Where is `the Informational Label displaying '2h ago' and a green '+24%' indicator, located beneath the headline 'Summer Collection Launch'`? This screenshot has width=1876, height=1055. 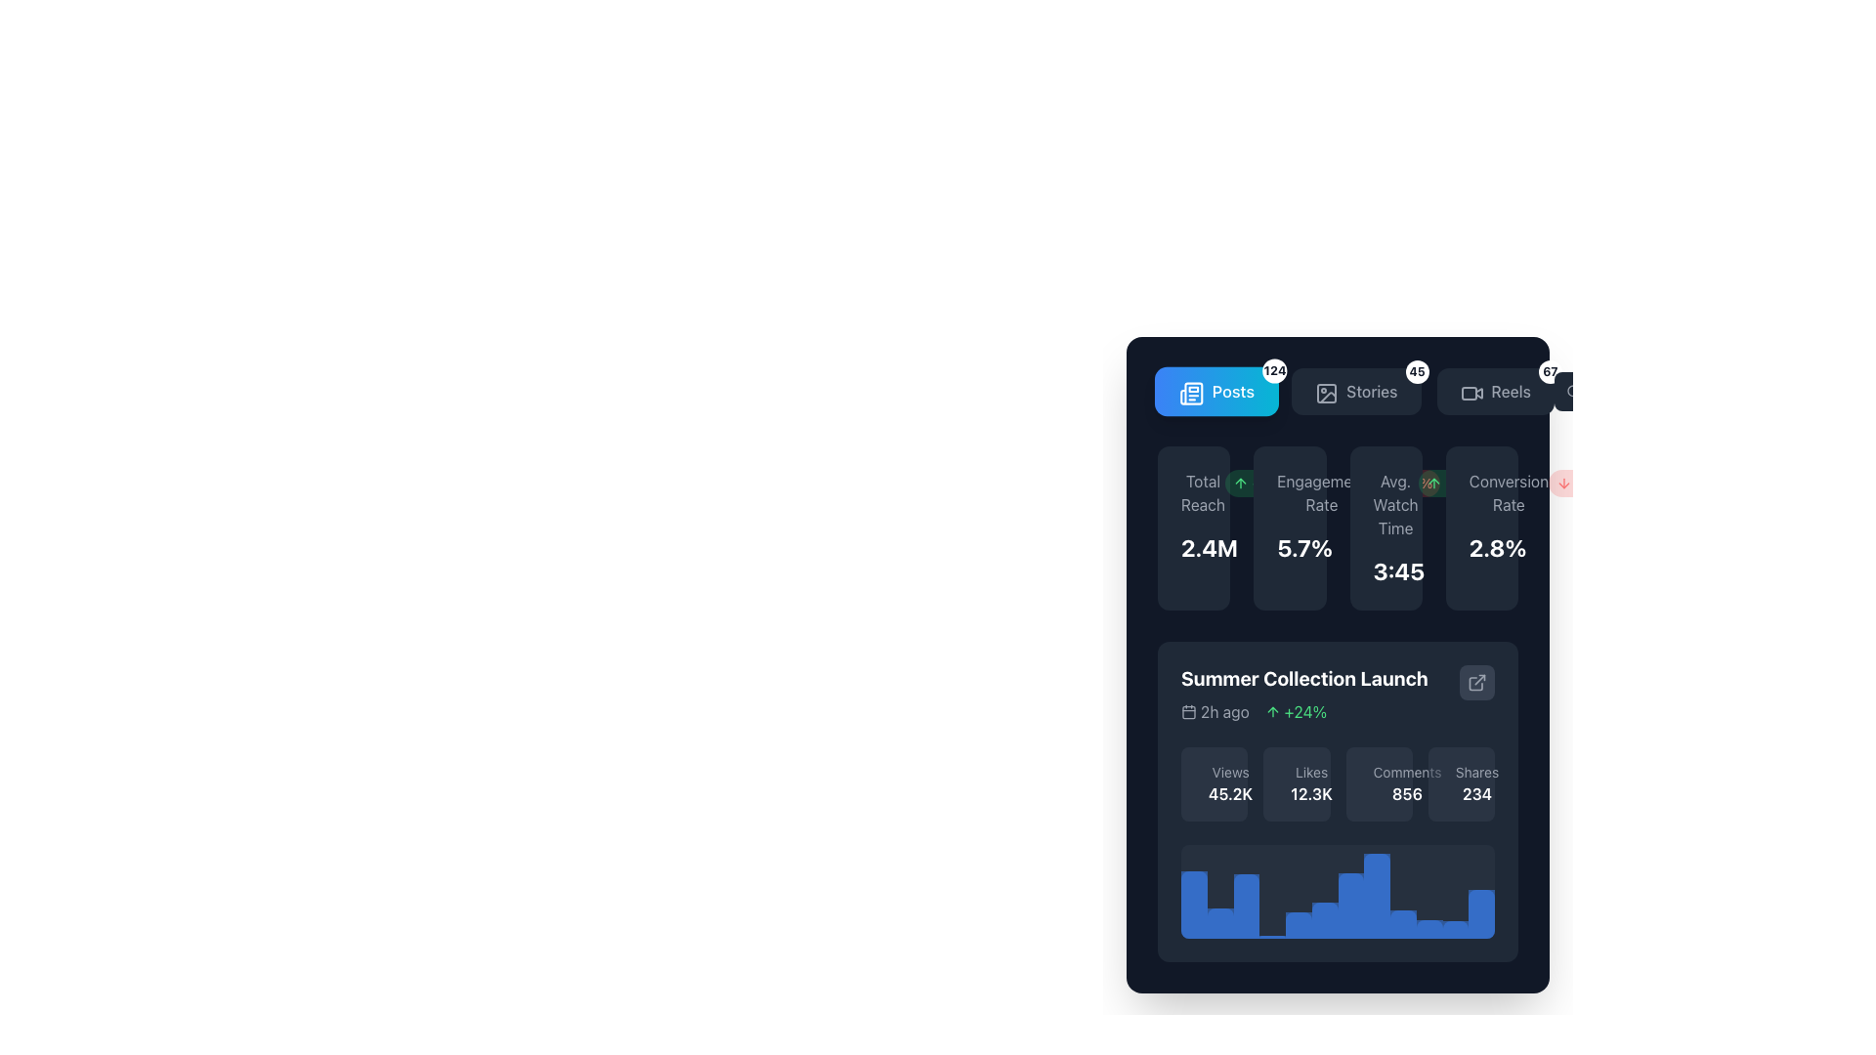
the Informational Label displaying '2h ago' and a green '+24%' indicator, located beneath the headline 'Summer Collection Launch' is located at coordinates (1304, 712).